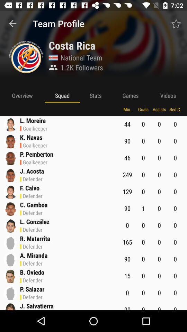 The height and width of the screenshot is (332, 187). Describe the element at coordinates (130, 95) in the screenshot. I see `item to the left of videos icon` at that location.